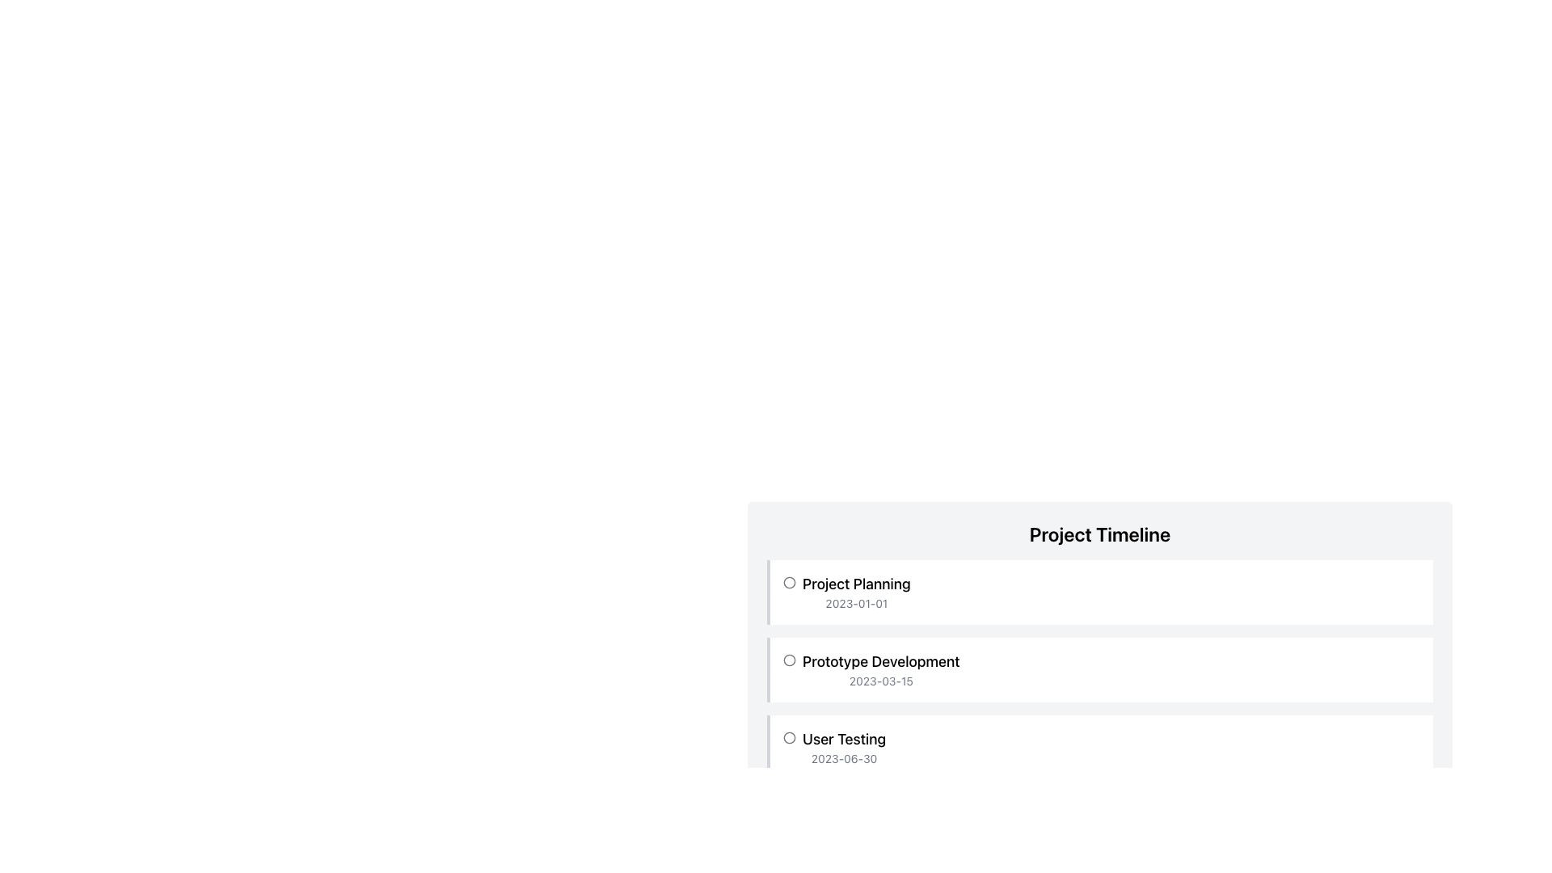 The width and height of the screenshot is (1552, 873). Describe the element at coordinates (843, 758) in the screenshot. I see `text label indicating the completion or due date for the 'User Testing' task in the project timeline, located directly under the 'User Testing' label` at that location.